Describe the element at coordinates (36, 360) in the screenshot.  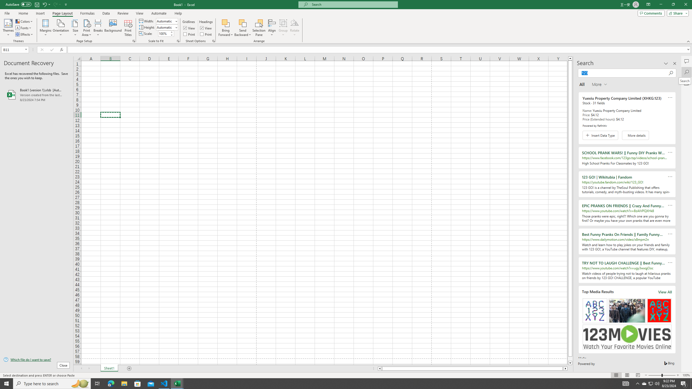
I see `'Which file do I want to save?'` at that location.